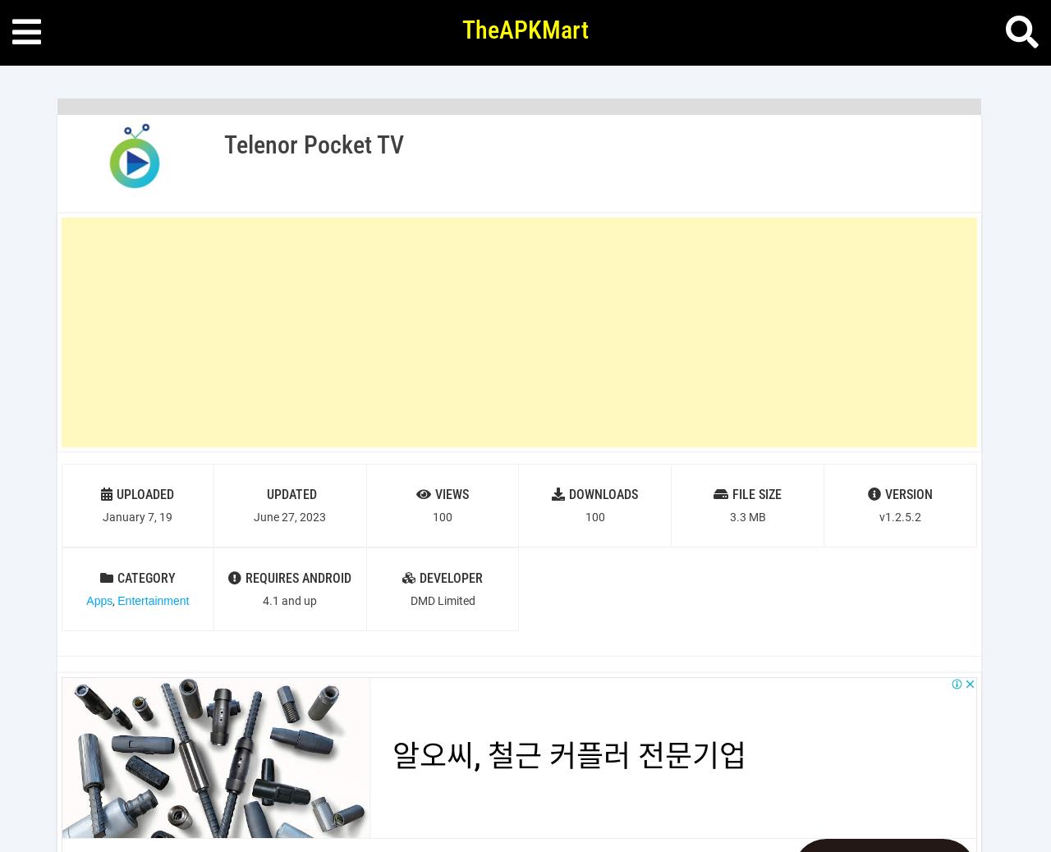  I want to click on 'VIEWS', so click(452, 493).